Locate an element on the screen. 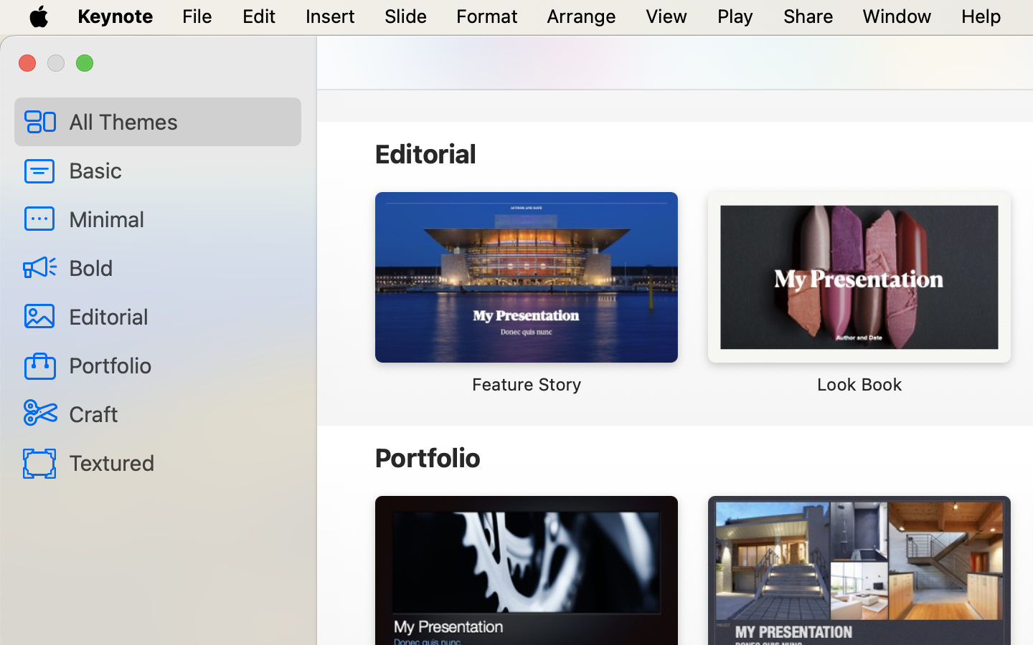 This screenshot has height=645, width=1033. 'Basic' is located at coordinates (178, 168).